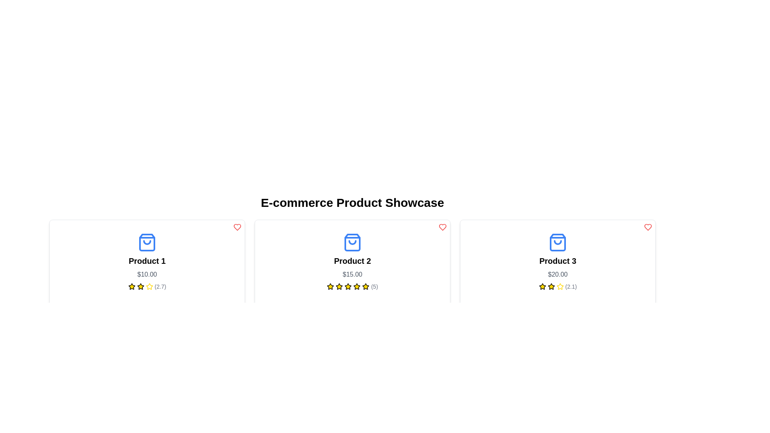 Image resolution: width=770 pixels, height=433 pixels. What do you see at coordinates (357, 286) in the screenshot?
I see `the fifth star in the 5-star rating system located below the product information in the center card of the product showcase layout` at bounding box center [357, 286].